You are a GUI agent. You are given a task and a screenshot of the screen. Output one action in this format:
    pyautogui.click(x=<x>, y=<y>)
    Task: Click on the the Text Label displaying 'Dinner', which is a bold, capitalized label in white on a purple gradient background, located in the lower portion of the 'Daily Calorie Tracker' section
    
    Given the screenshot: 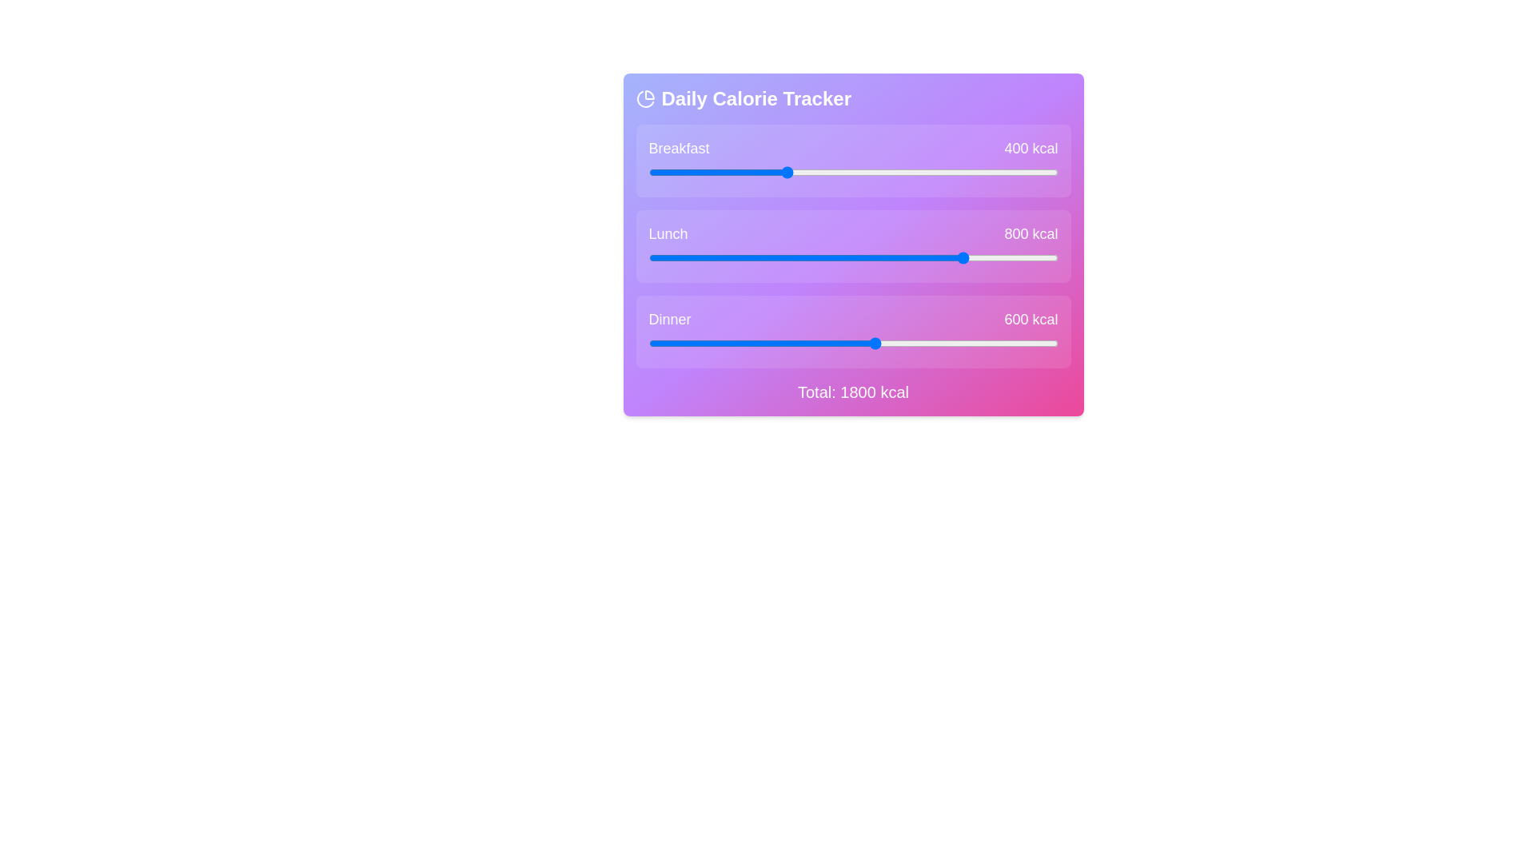 What is the action you would take?
    pyautogui.click(x=670, y=320)
    